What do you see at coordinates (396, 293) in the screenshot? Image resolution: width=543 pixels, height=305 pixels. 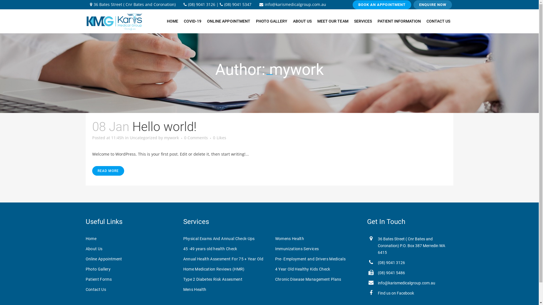 I see `'Find us on Facebook'` at bounding box center [396, 293].